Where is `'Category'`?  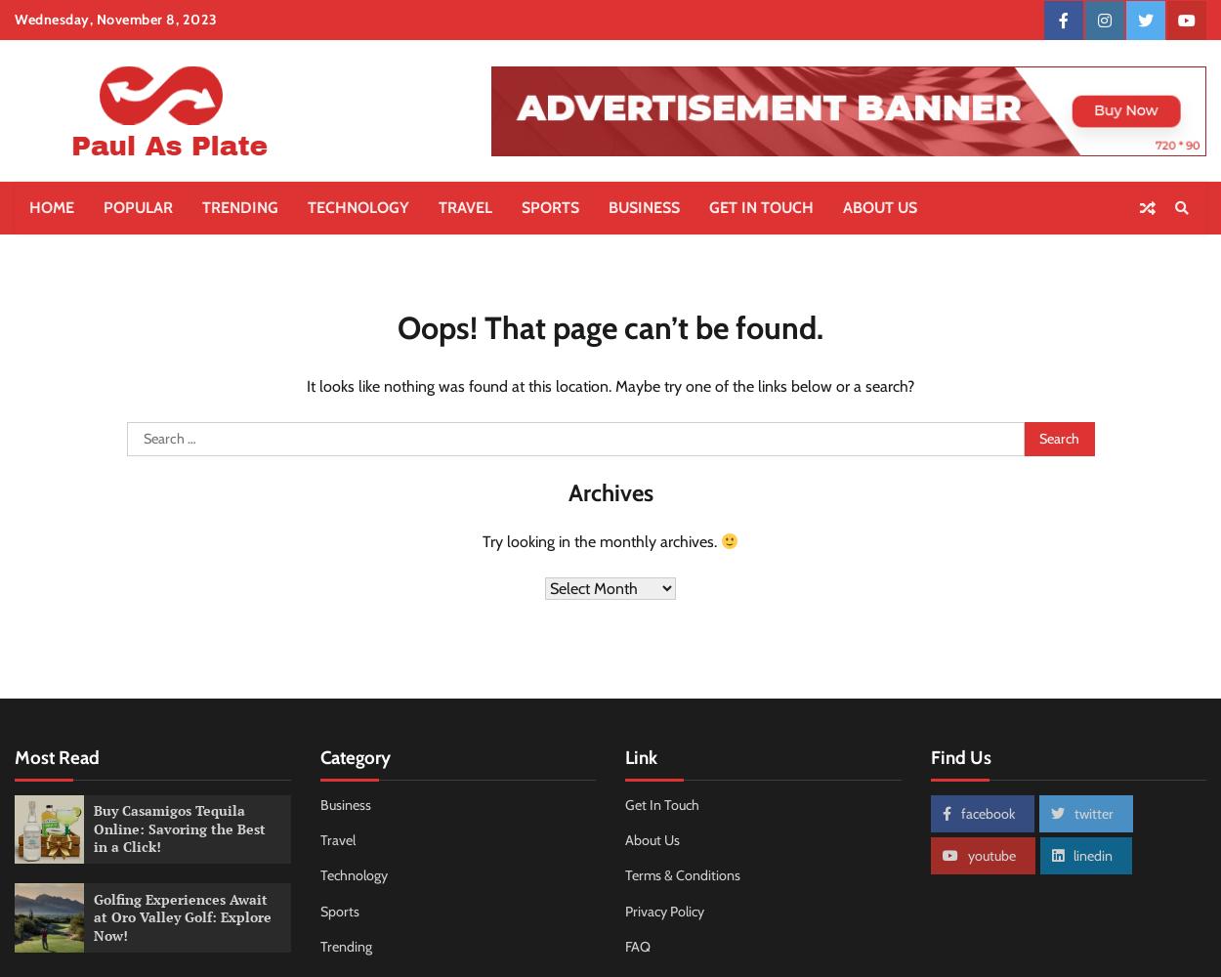
'Category' is located at coordinates (318, 757).